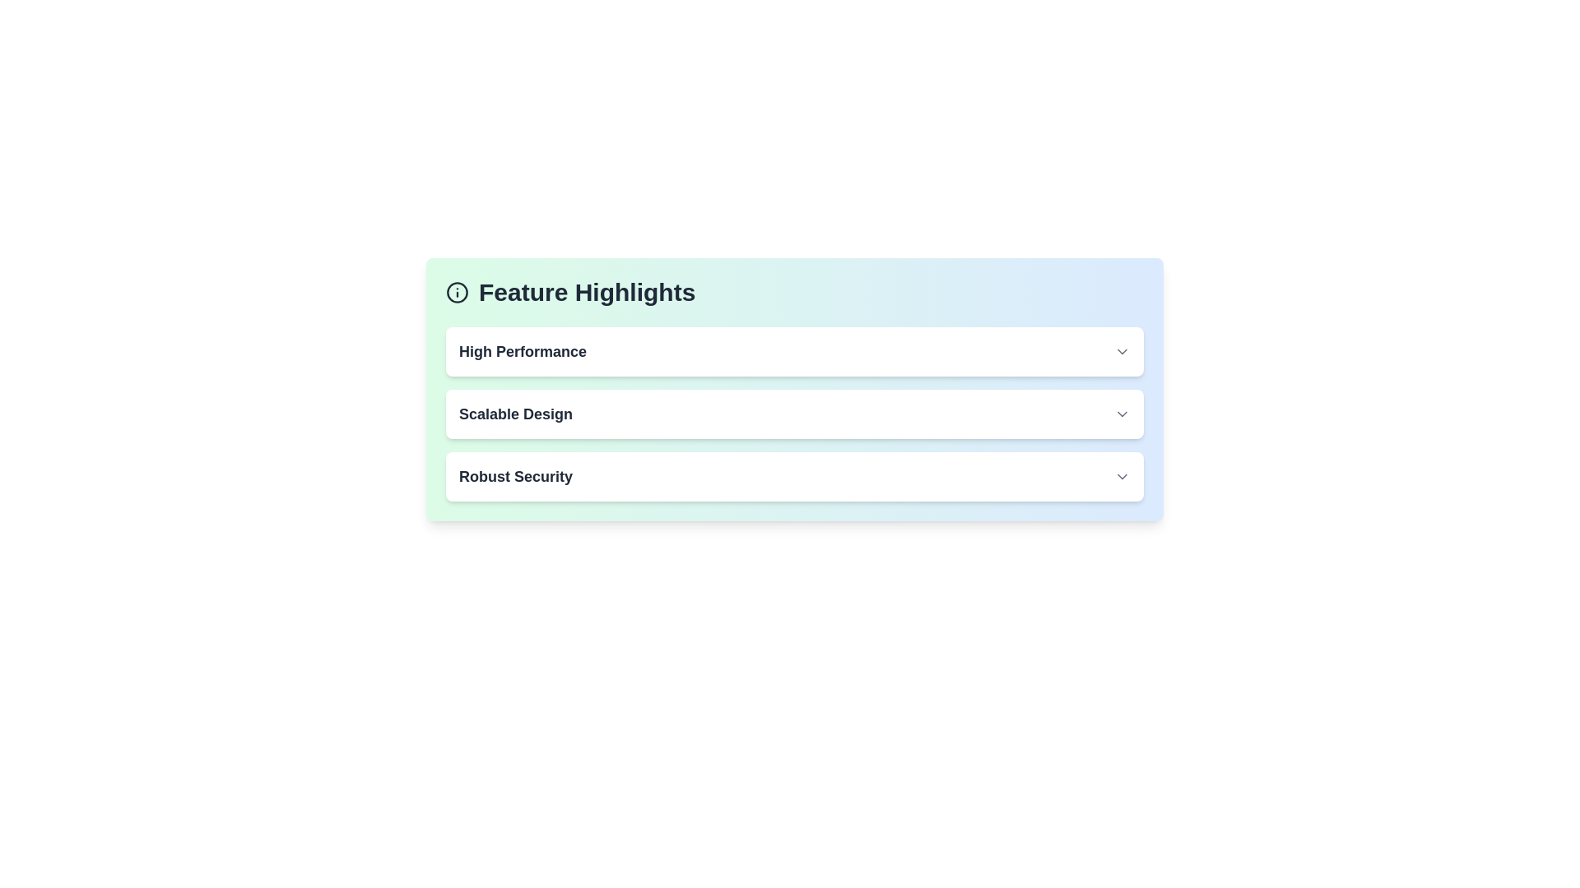 Image resolution: width=1580 pixels, height=888 pixels. Describe the element at coordinates (1121, 414) in the screenshot. I see `the Dropdown Toggle Icon located at the upper-right corner of the 'Scalable Design' block in the 'Feature Highlights' list` at that location.